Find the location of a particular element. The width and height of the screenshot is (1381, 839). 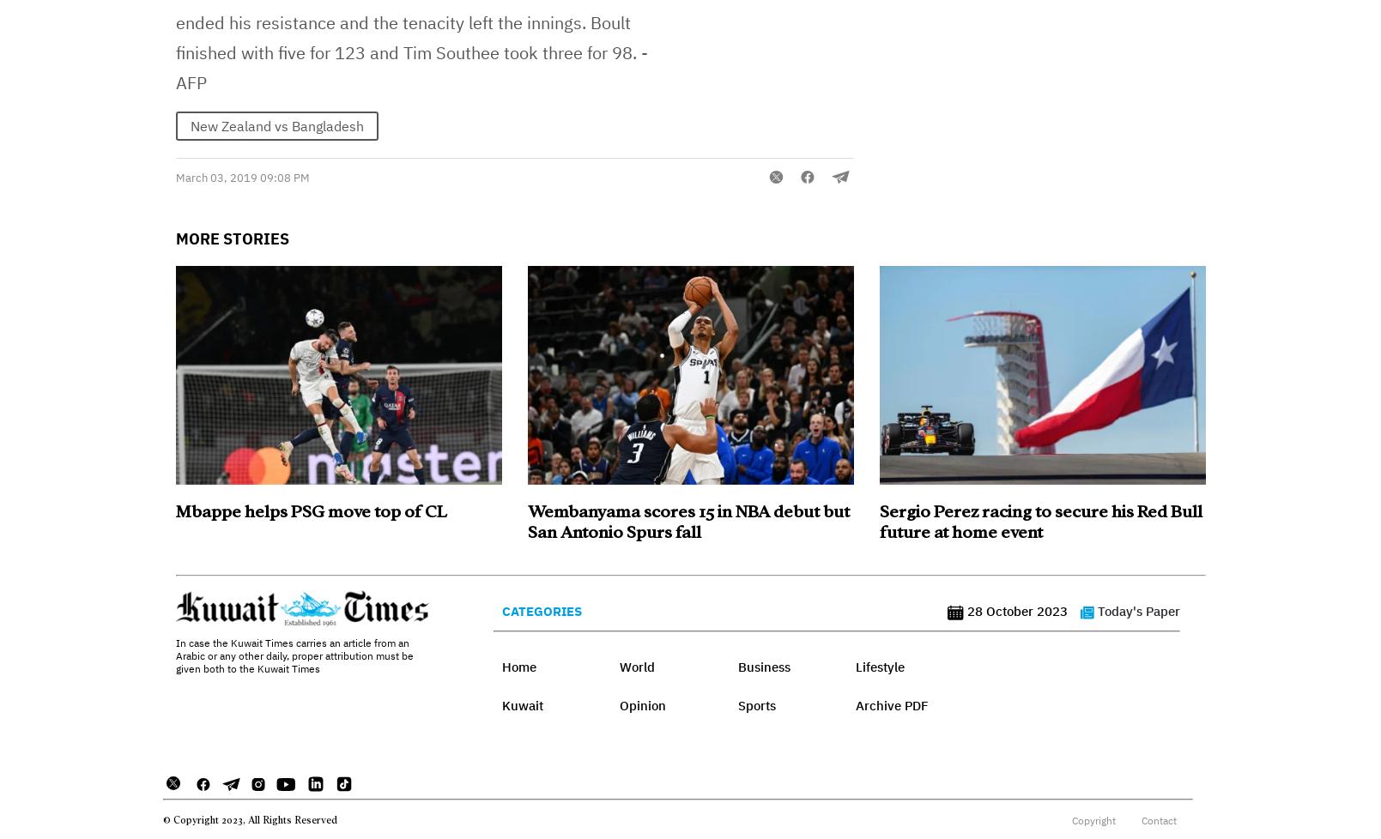

'March 03, 2019 09:08 PM' is located at coordinates (241, 178).